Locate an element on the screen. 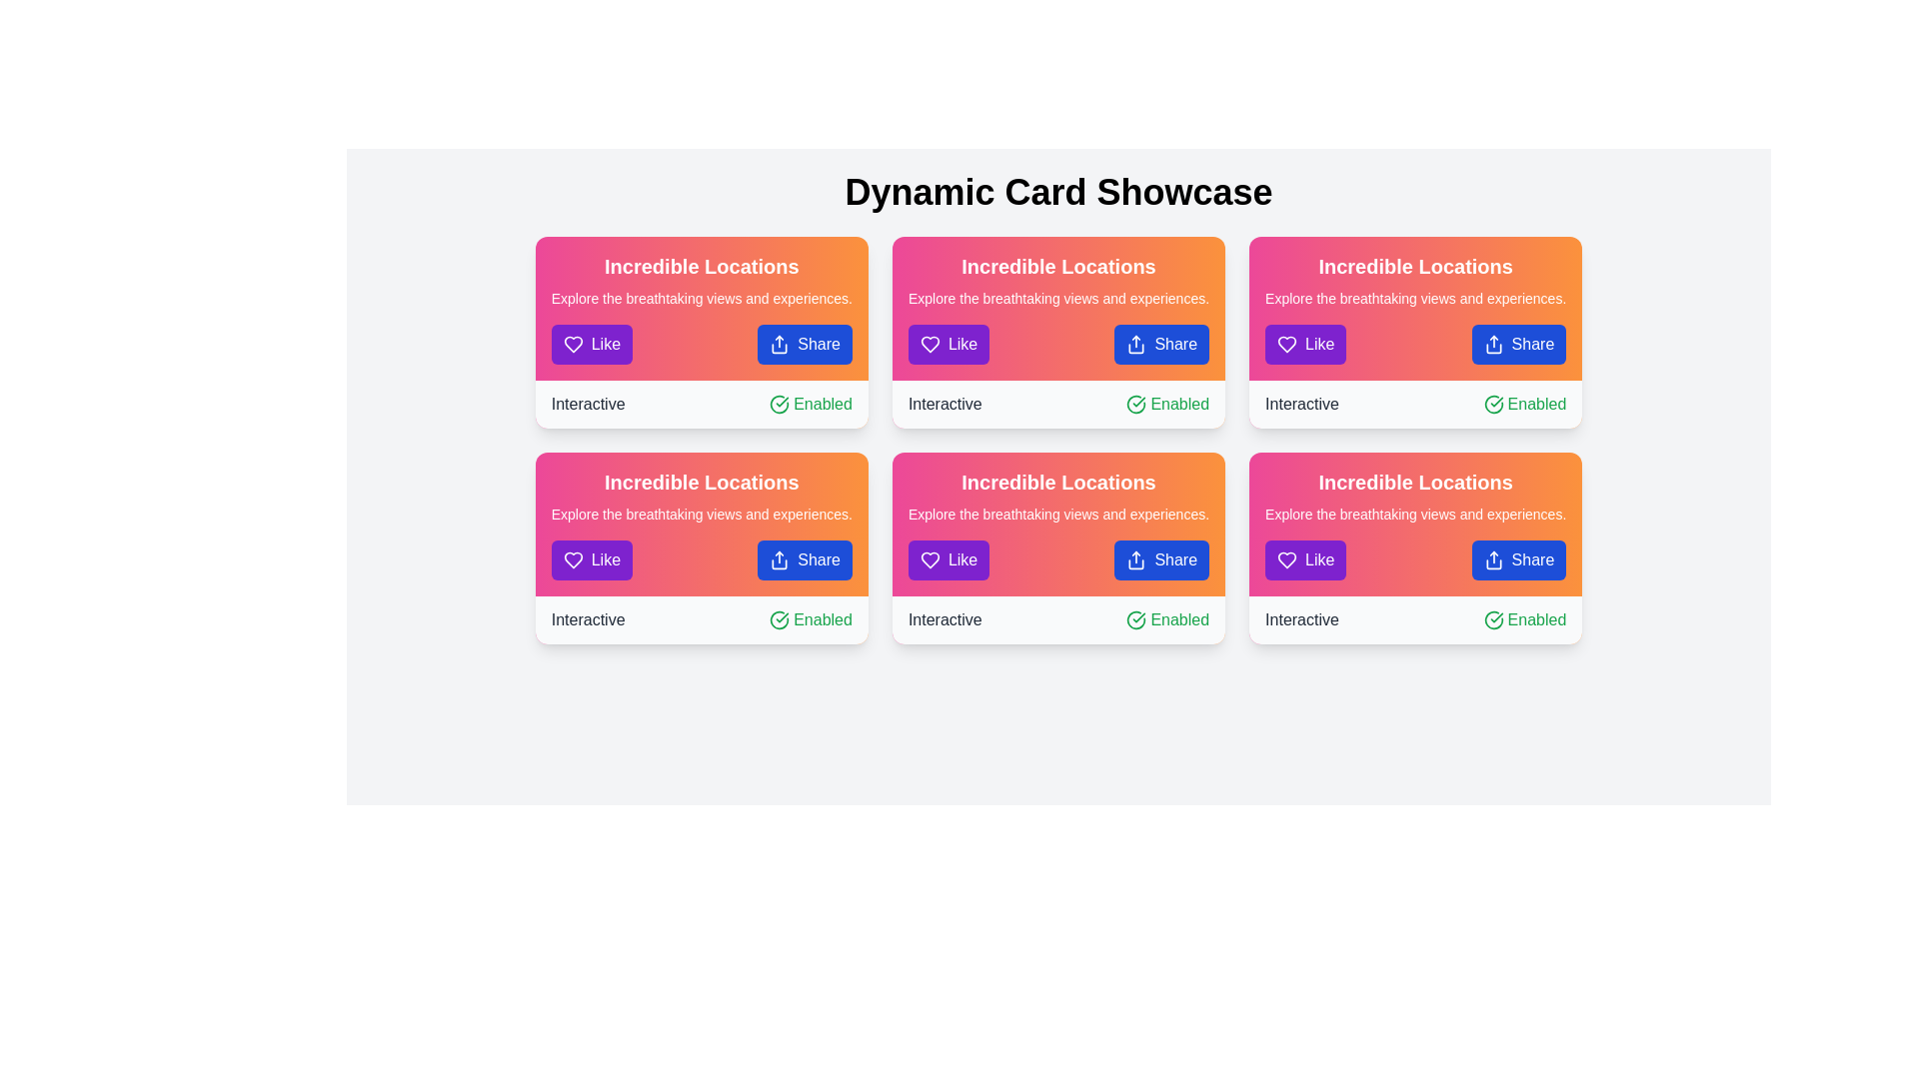 This screenshot has width=1919, height=1079. the 'Share' button with a blue background and upward arrow icon located in the second row, first column of the grid layout is located at coordinates (805, 559).